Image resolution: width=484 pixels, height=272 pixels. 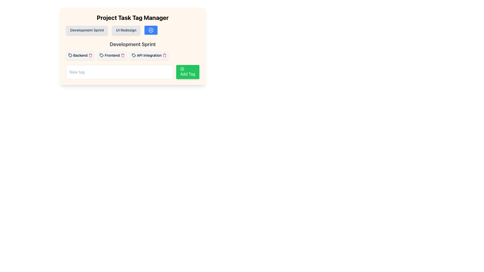 I want to click on the 'API Integration' text label, which is the third text item in the row of tags under the 'Development Sprint' section, positioned between the 'Frontend' tag and a delete icon, so click(x=149, y=55).